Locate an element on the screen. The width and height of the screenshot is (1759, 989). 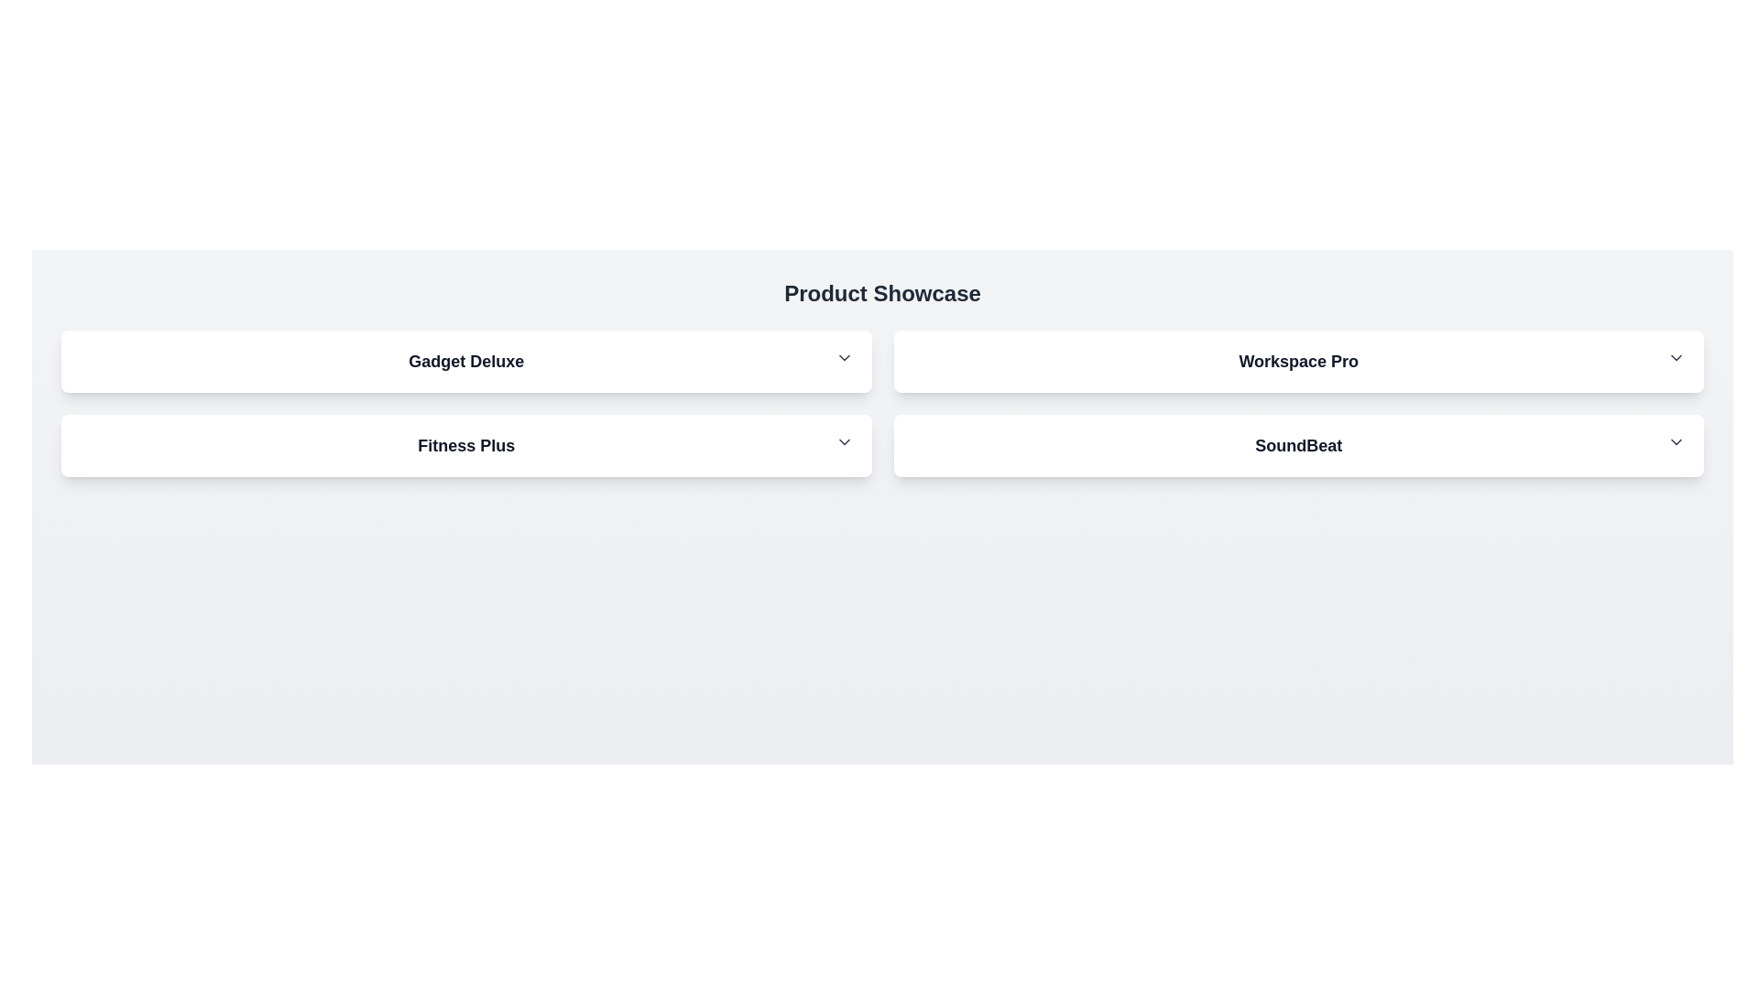
the 'Workspace Pro' button or card, which is styled with a white background and rounded corners, located in the top-right corner of a grid layout is located at coordinates (1297, 361).